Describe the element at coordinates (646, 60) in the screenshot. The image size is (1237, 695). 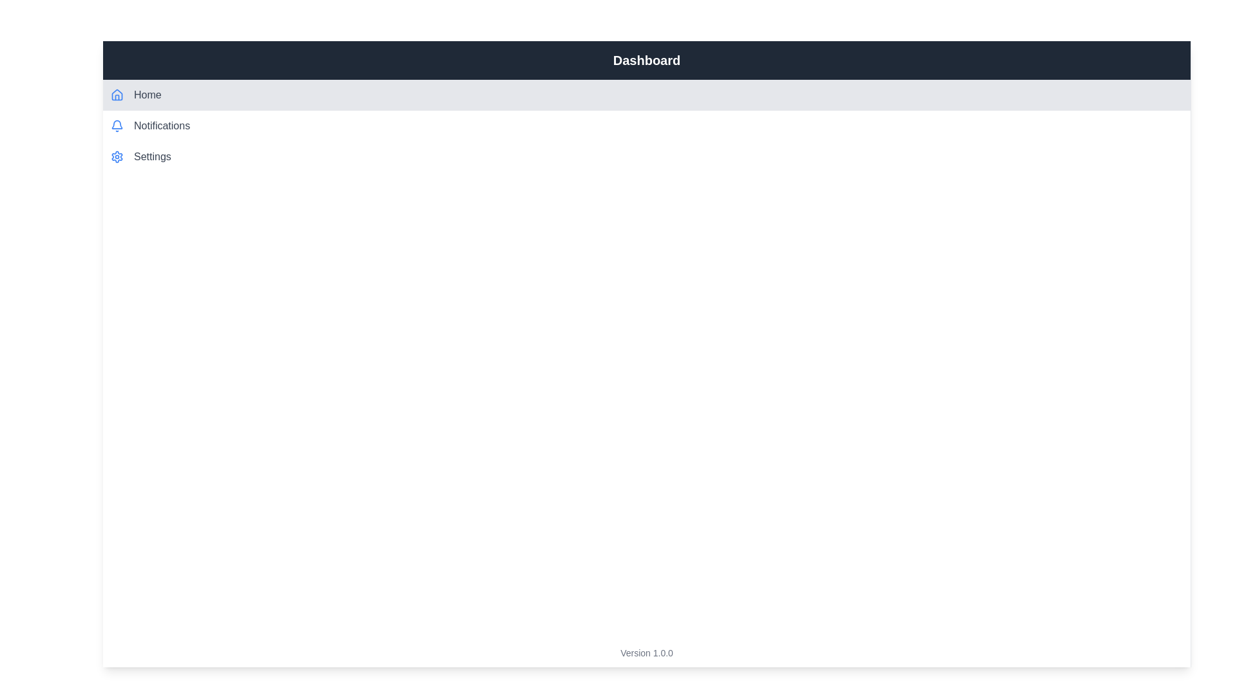
I see `the header labeled 'Dashboard'` at that location.